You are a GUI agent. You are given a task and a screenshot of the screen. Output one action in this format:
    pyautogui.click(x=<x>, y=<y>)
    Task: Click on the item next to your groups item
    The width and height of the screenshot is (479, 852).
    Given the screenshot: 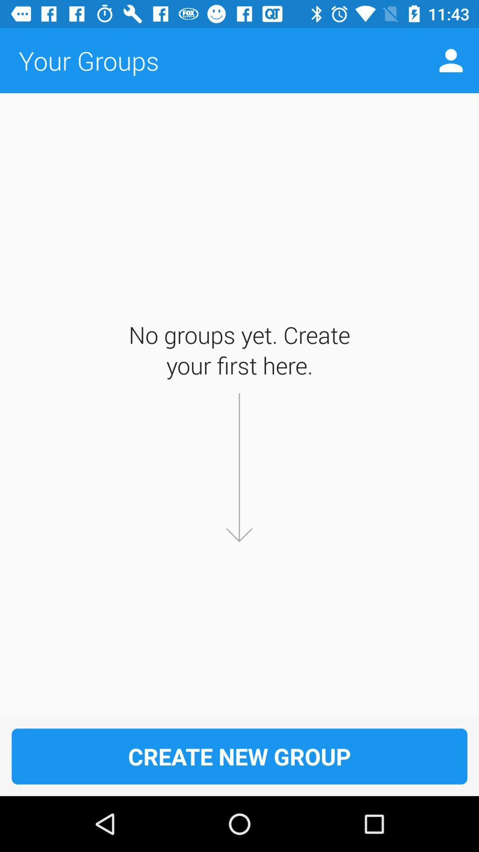 What is the action you would take?
    pyautogui.click(x=451, y=60)
    